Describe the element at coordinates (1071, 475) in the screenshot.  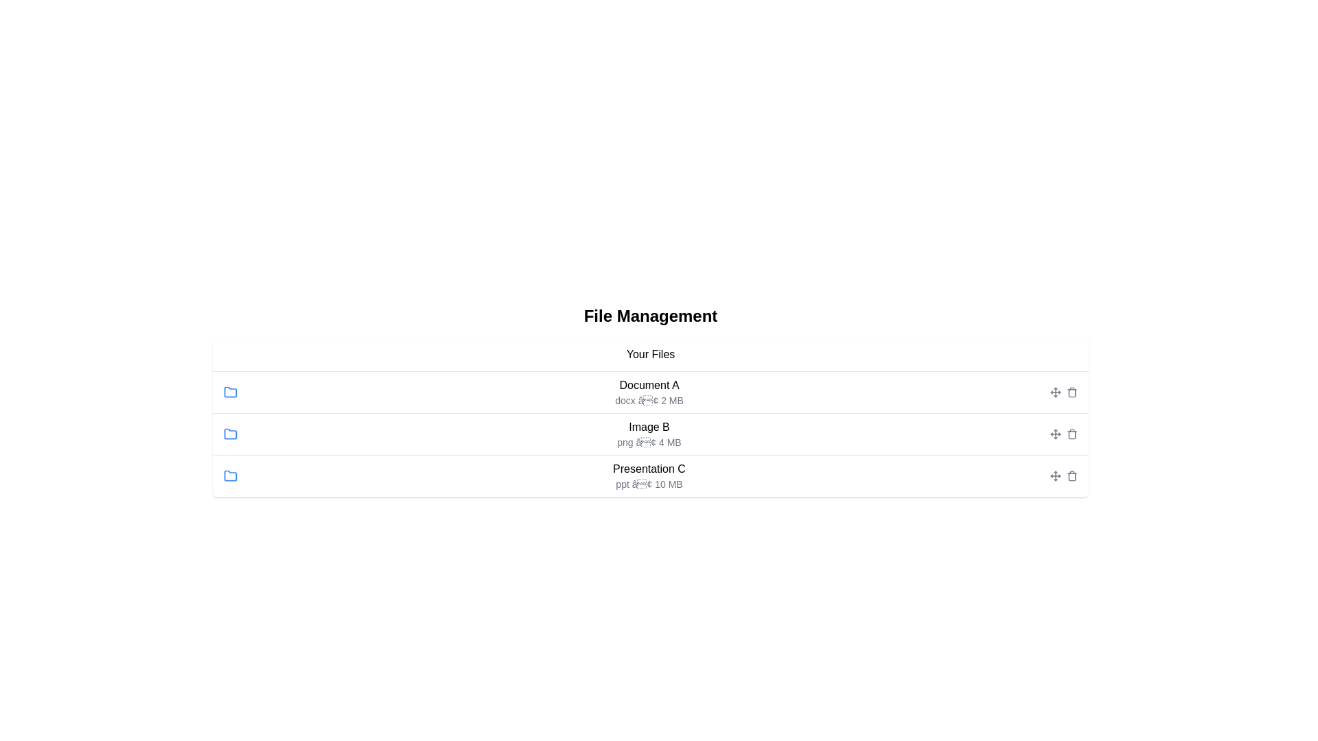
I see `the trash bin icon, which is the last interactive icon in the rightmost column of the third row in a table-like layout` at that location.